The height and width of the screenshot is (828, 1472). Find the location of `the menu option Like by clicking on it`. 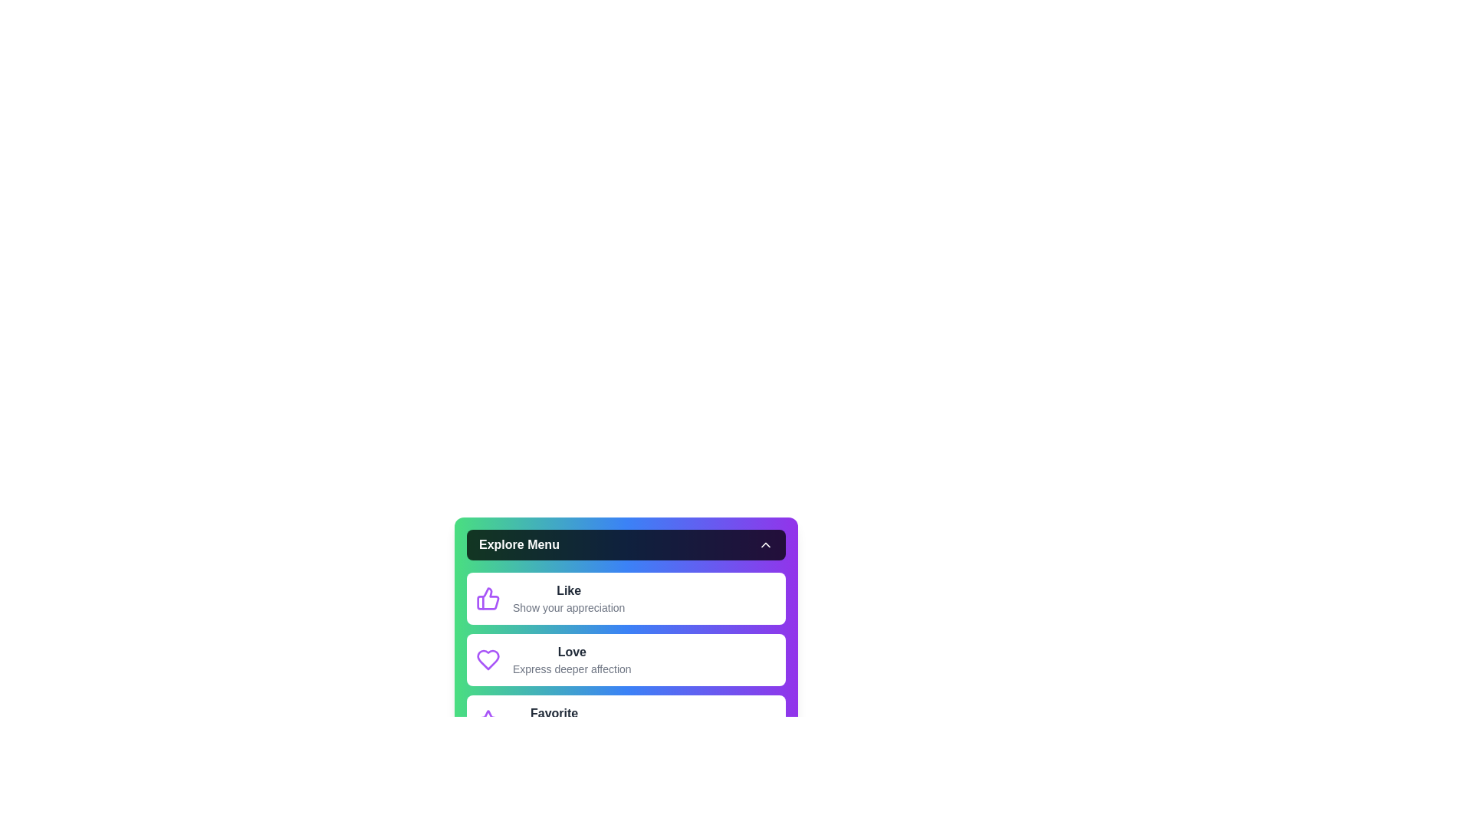

the menu option Like by clicking on it is located at coordinates (626, 597).